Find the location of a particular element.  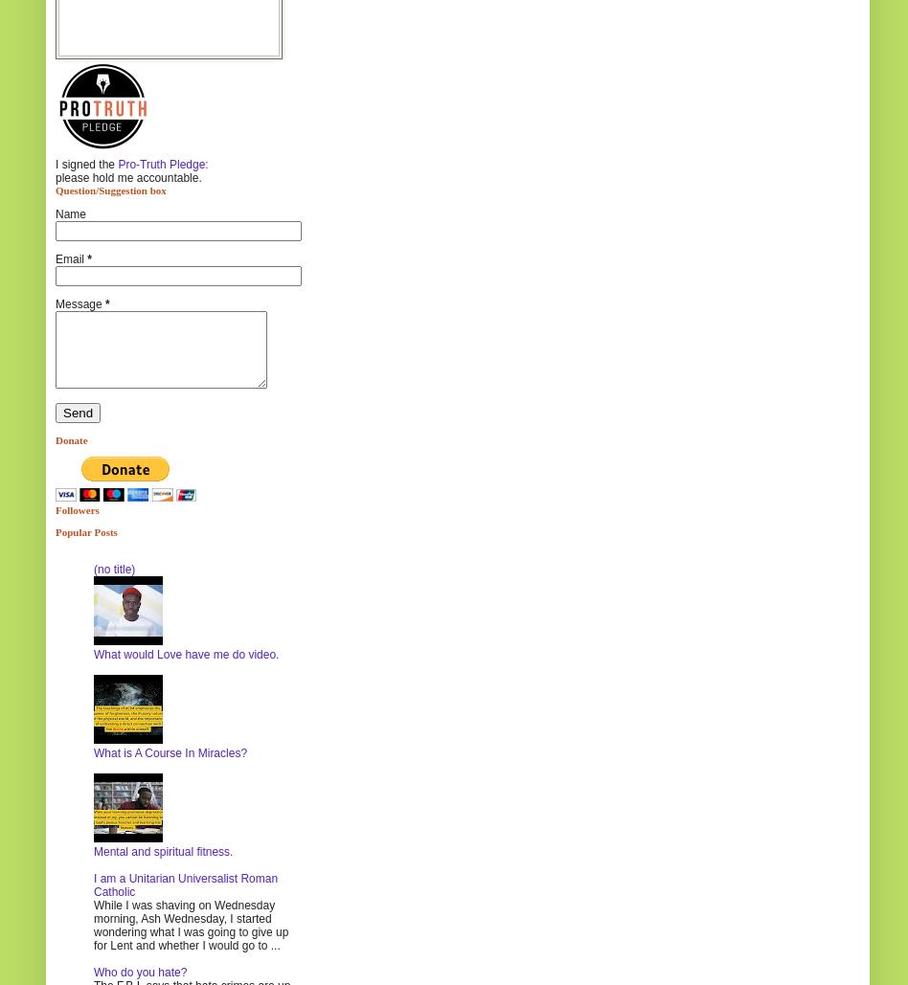

'Message' is located at coordinates (79, 303).